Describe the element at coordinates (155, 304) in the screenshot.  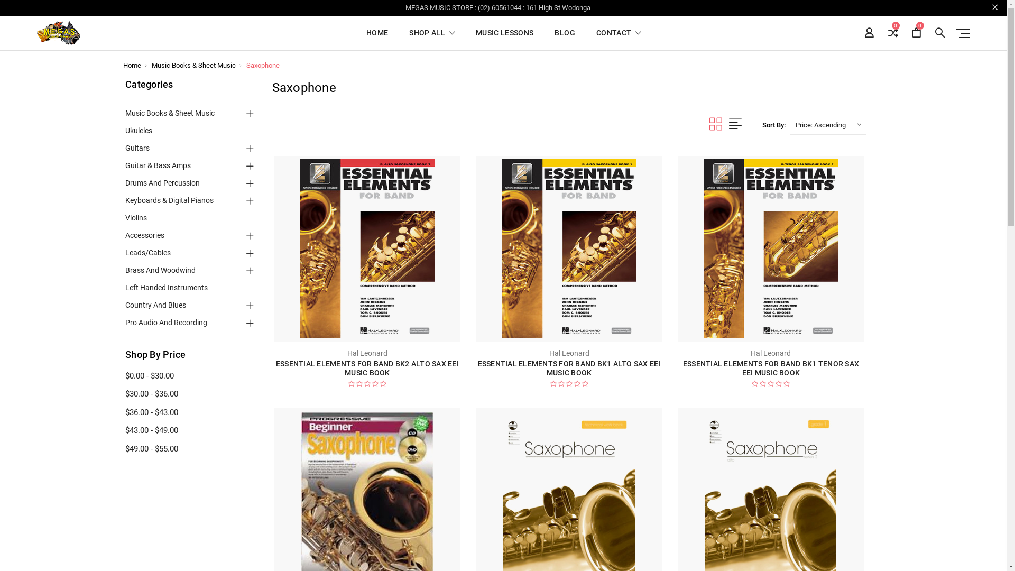
I see `'Country And Blues'` at that location.